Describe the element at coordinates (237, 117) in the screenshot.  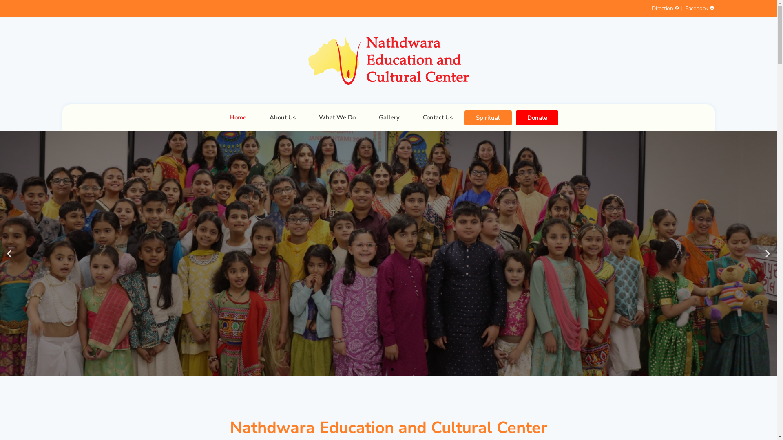
I see `'Home'` at that location.